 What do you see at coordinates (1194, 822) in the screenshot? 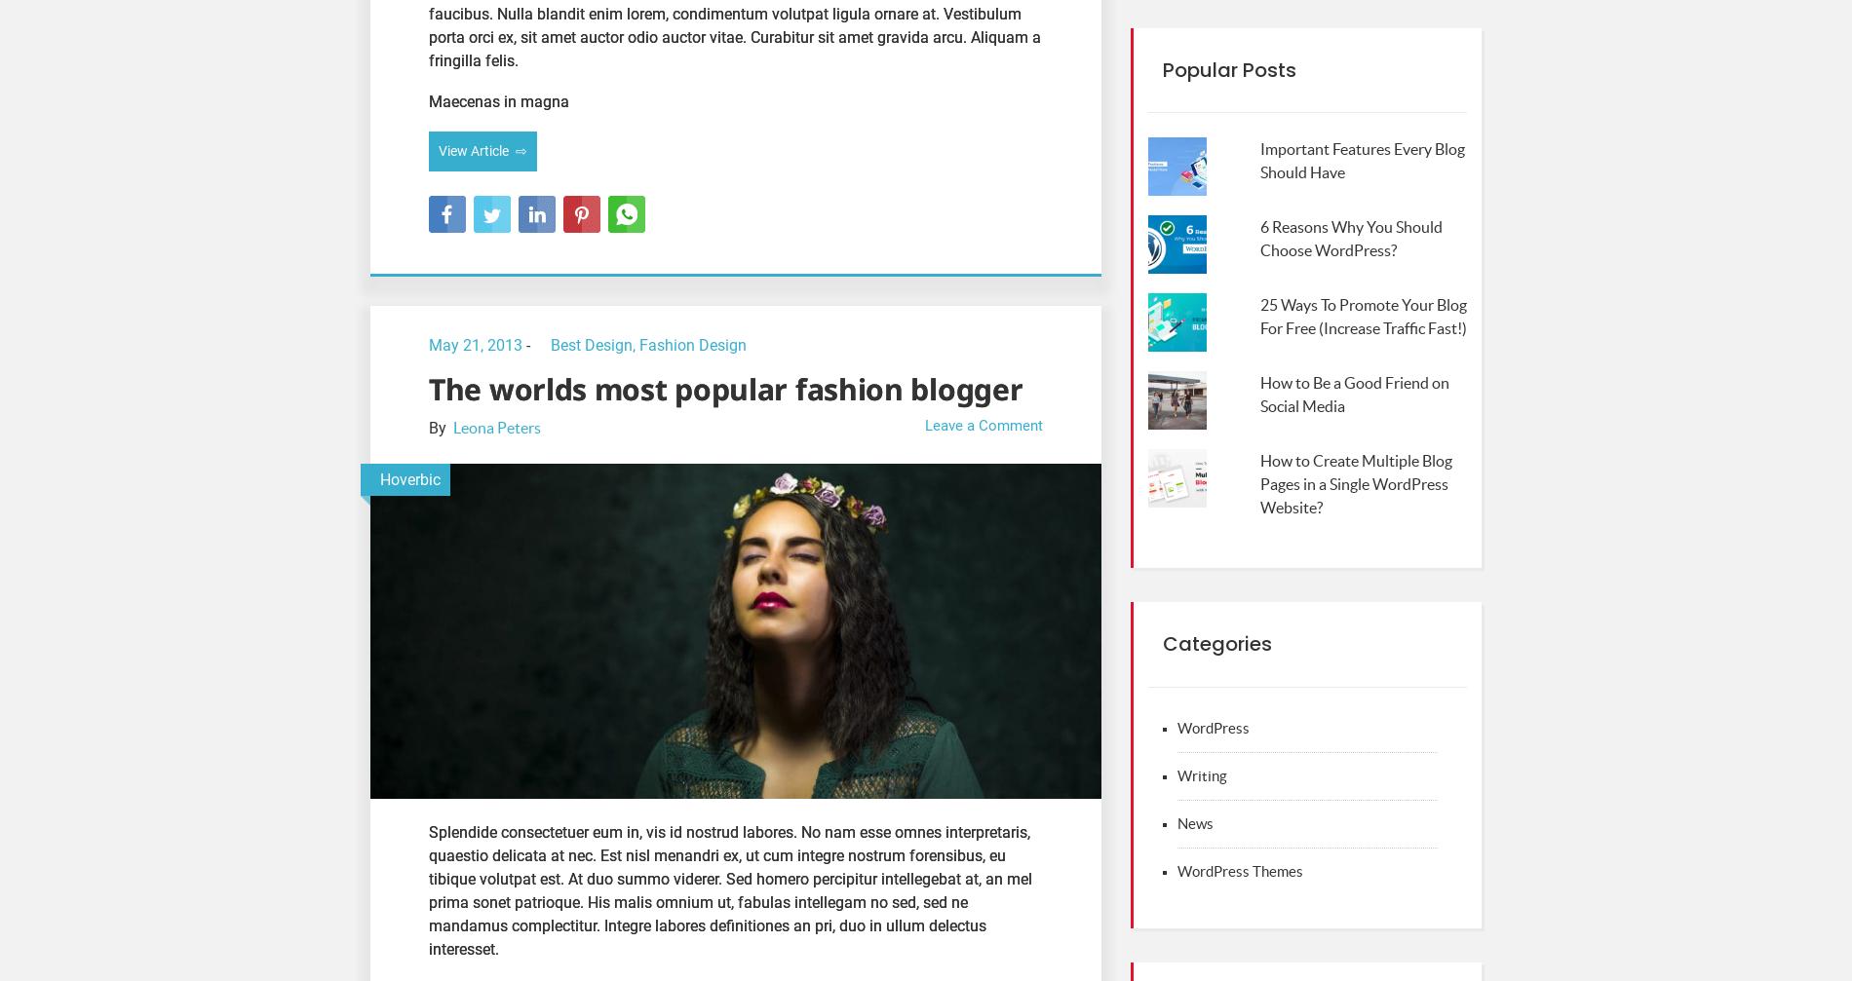
I see `'News'` at bounding box center [1194, 822].